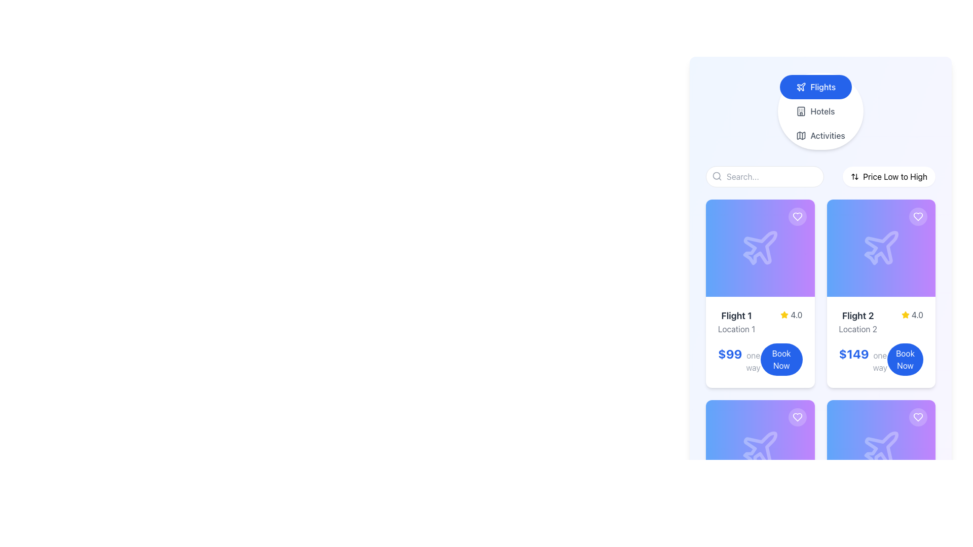 This screenshot has height=547, width=973. Describe the element at coordinates (881, 248) in the screenshot. I see `the airplane outline icon located in the 'Flight 2' card, which is adjacent to the 'Book Now' button and the text 'Flight 2'` at that location.